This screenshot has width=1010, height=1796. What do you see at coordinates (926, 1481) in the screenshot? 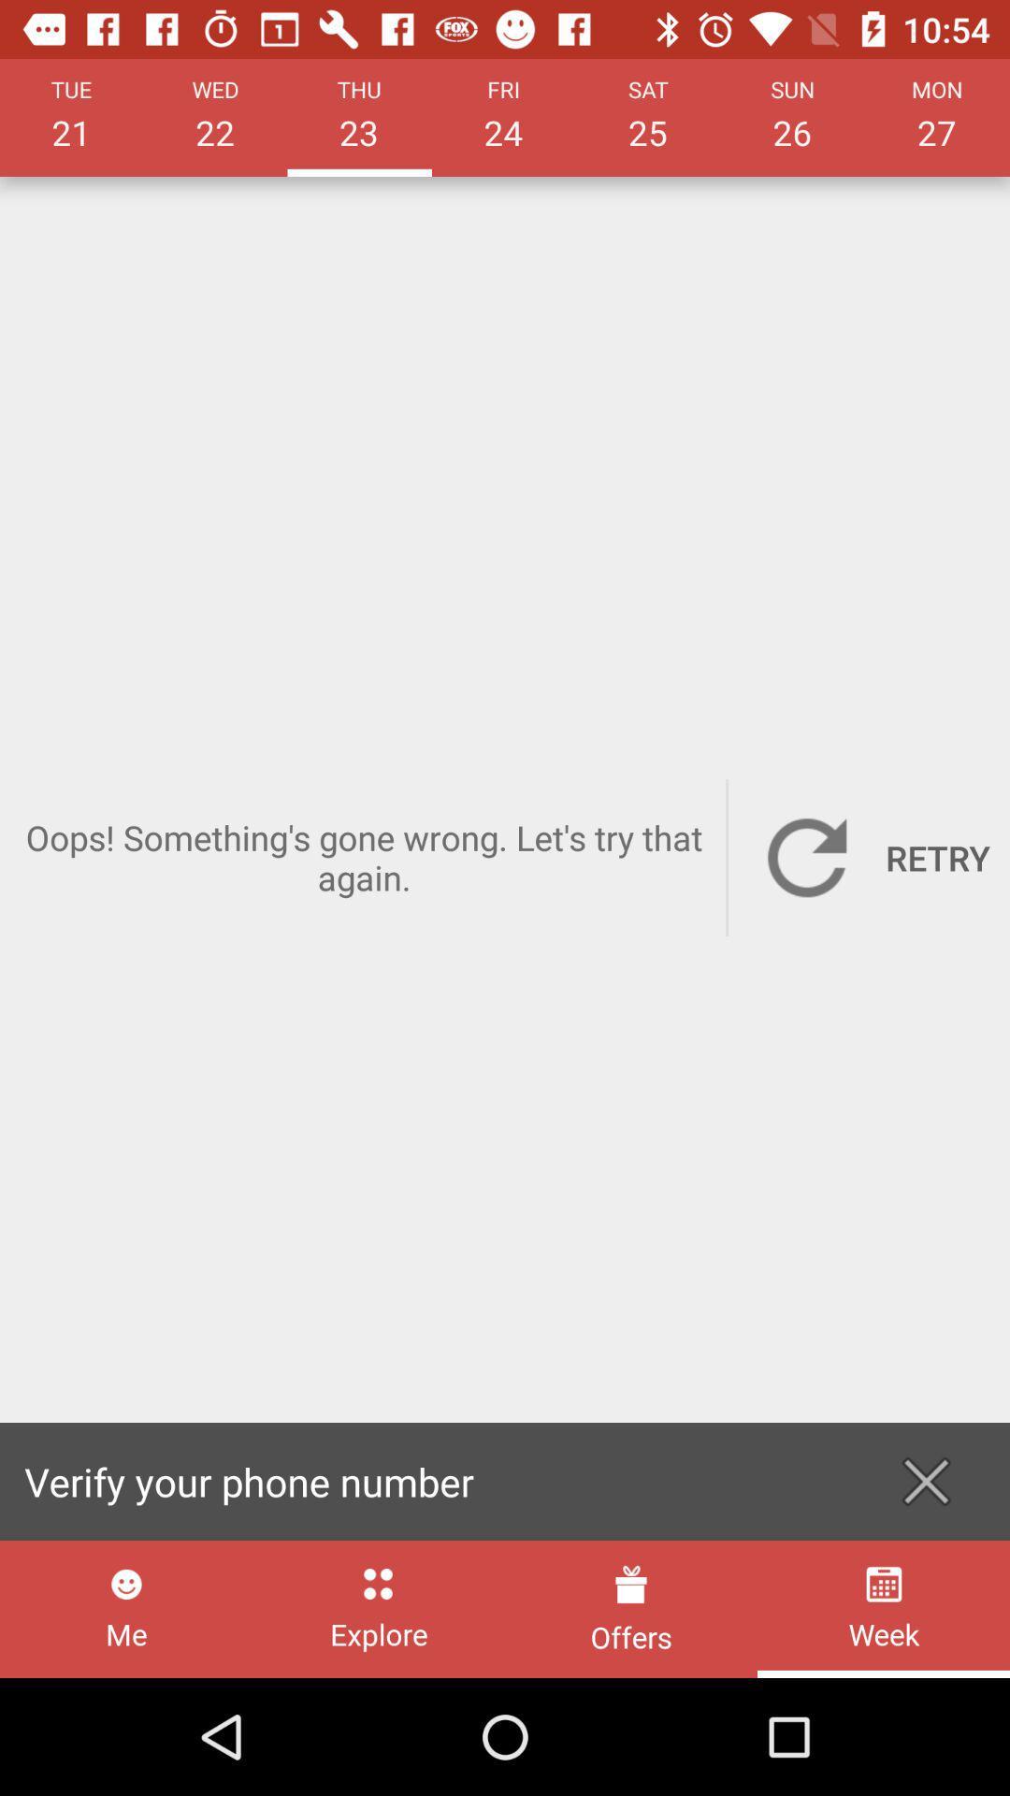
I see `the close icon` at bounding box center [926, 1481].